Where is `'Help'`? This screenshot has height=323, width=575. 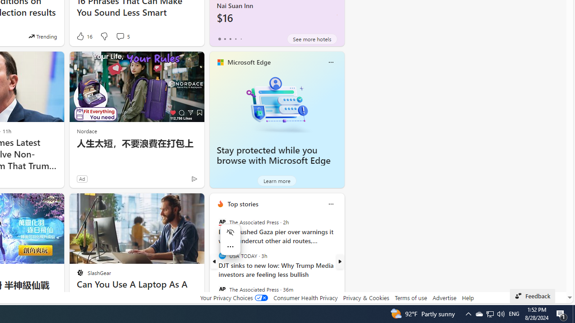 'Help' is located at coordinates (467, 297).